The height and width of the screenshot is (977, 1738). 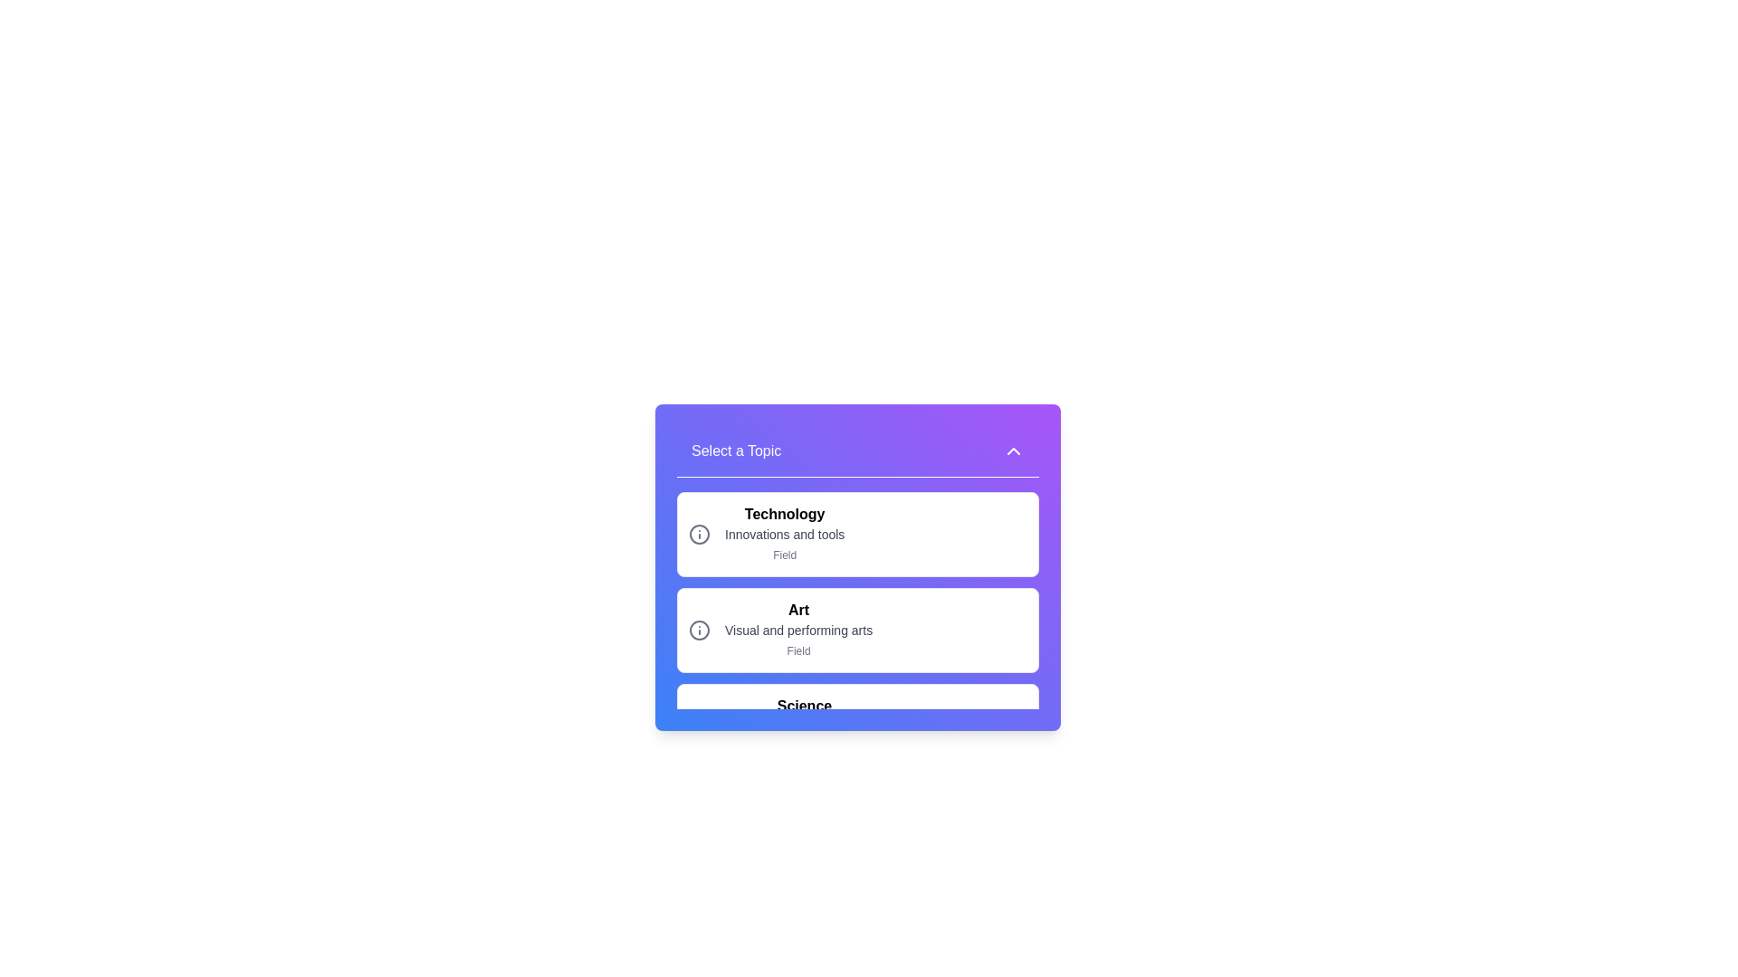 What do you see at coordinates (797, 651) in the screenshot?
I see `the metadata label located at the bottom-right corner of the card associated with the main text 'Art', which provides contextual information about the category 'Visual and performing arts'` at bounding box center [797, 651].